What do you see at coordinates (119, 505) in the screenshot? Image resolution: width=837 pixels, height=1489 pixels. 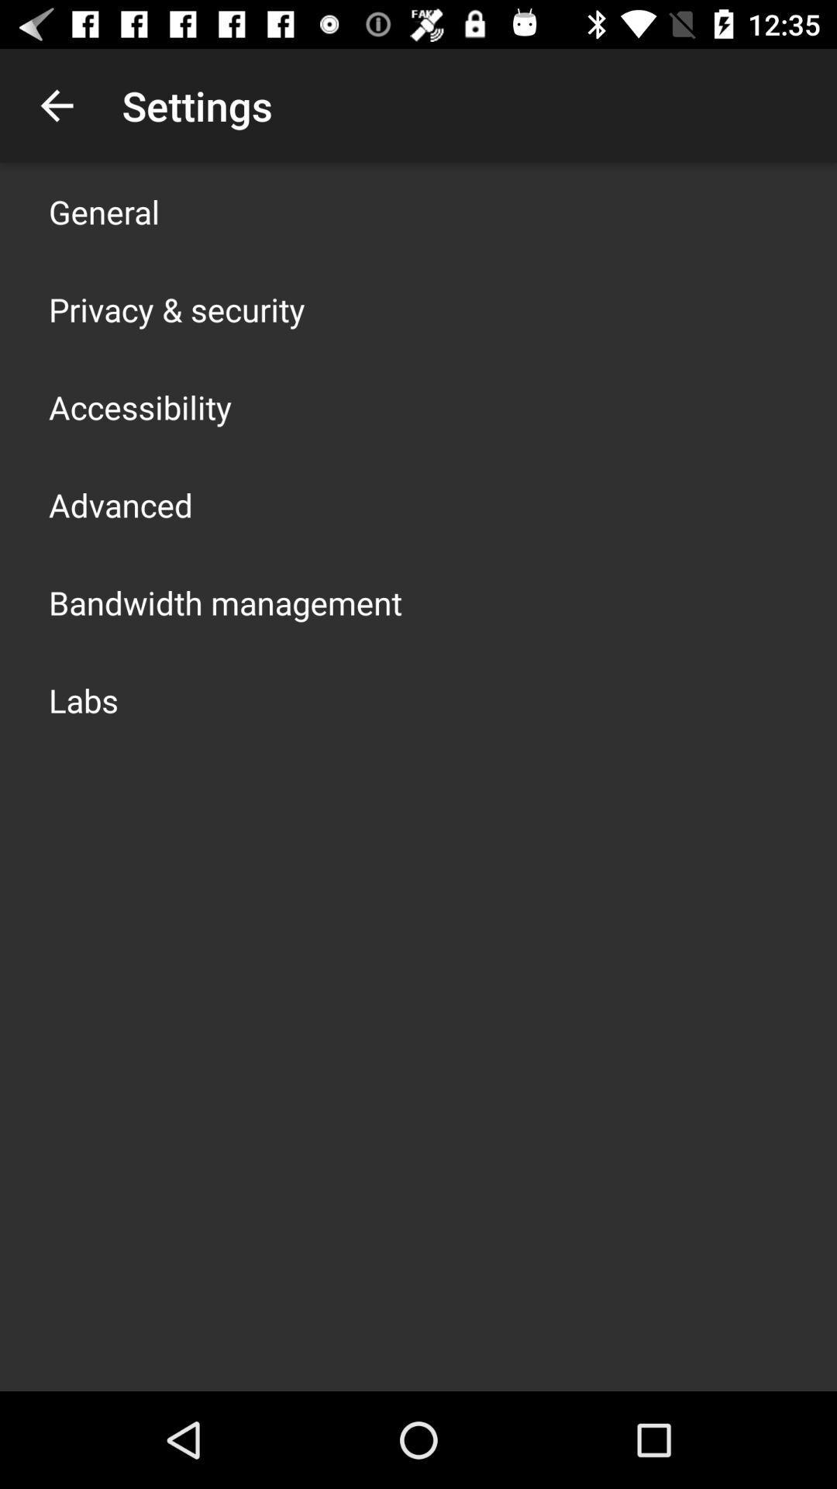 I see `the advanced` at bounding box center [119, 505].